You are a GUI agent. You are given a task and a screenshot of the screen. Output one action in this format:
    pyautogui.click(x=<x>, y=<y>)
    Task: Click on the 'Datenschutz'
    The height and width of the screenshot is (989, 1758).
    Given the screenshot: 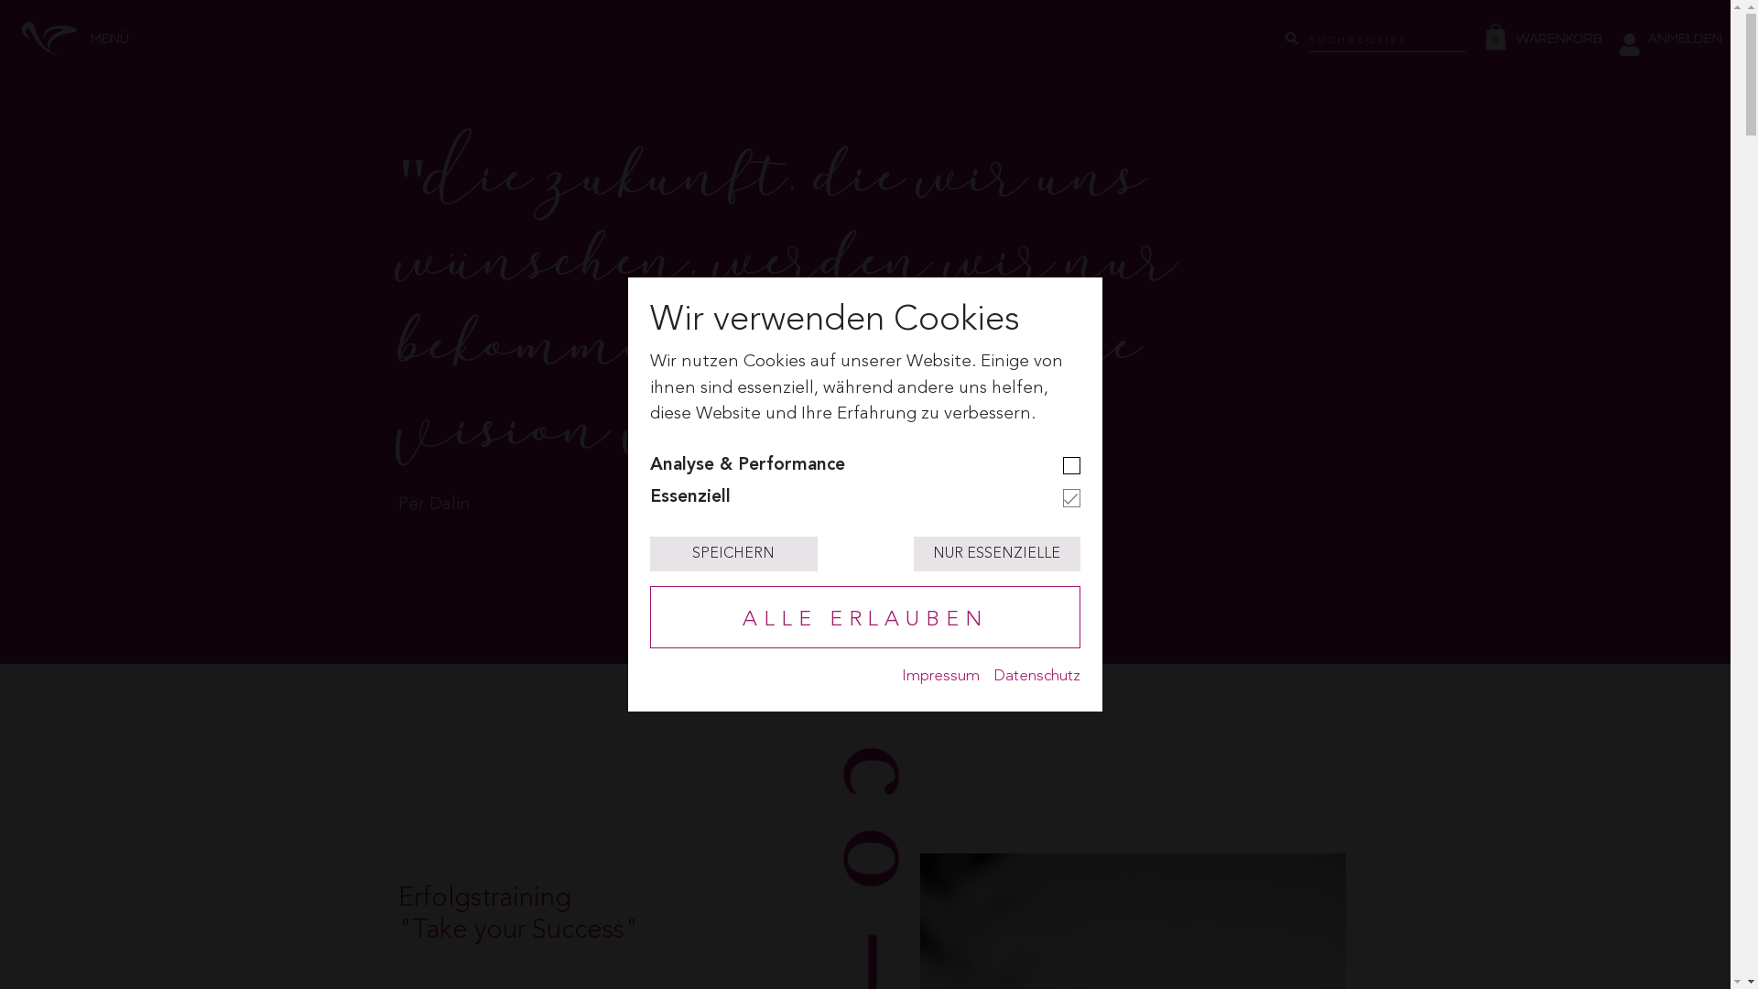 What is the action you would take?
    pyautogui.click(x=1036, y=676)
    